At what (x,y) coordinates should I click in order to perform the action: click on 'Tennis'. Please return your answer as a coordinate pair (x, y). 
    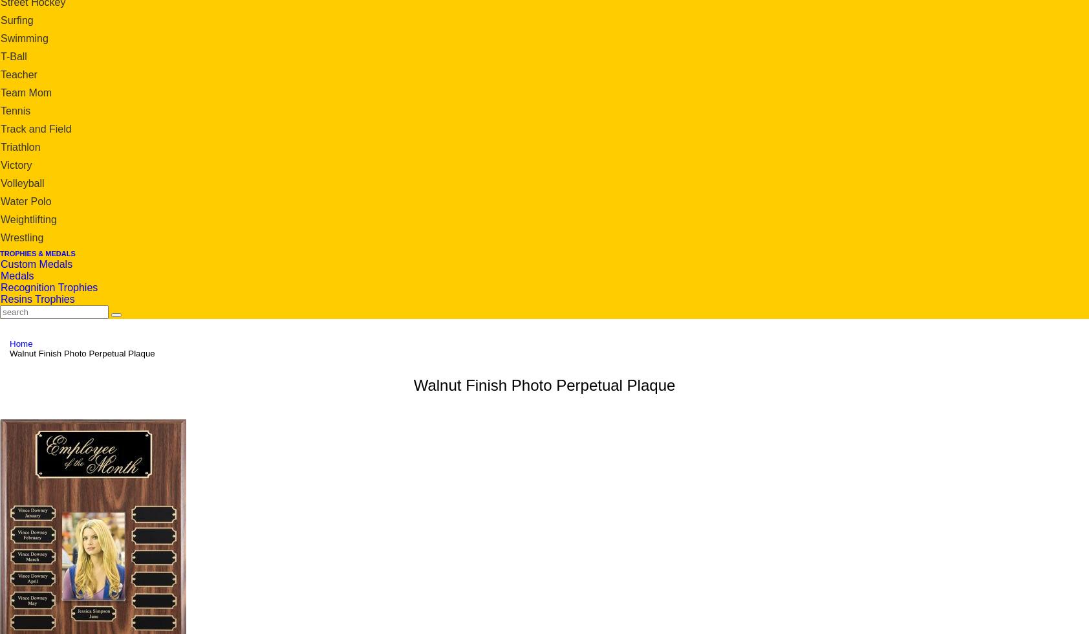
    Looking at the image, I should click on (15, 110).